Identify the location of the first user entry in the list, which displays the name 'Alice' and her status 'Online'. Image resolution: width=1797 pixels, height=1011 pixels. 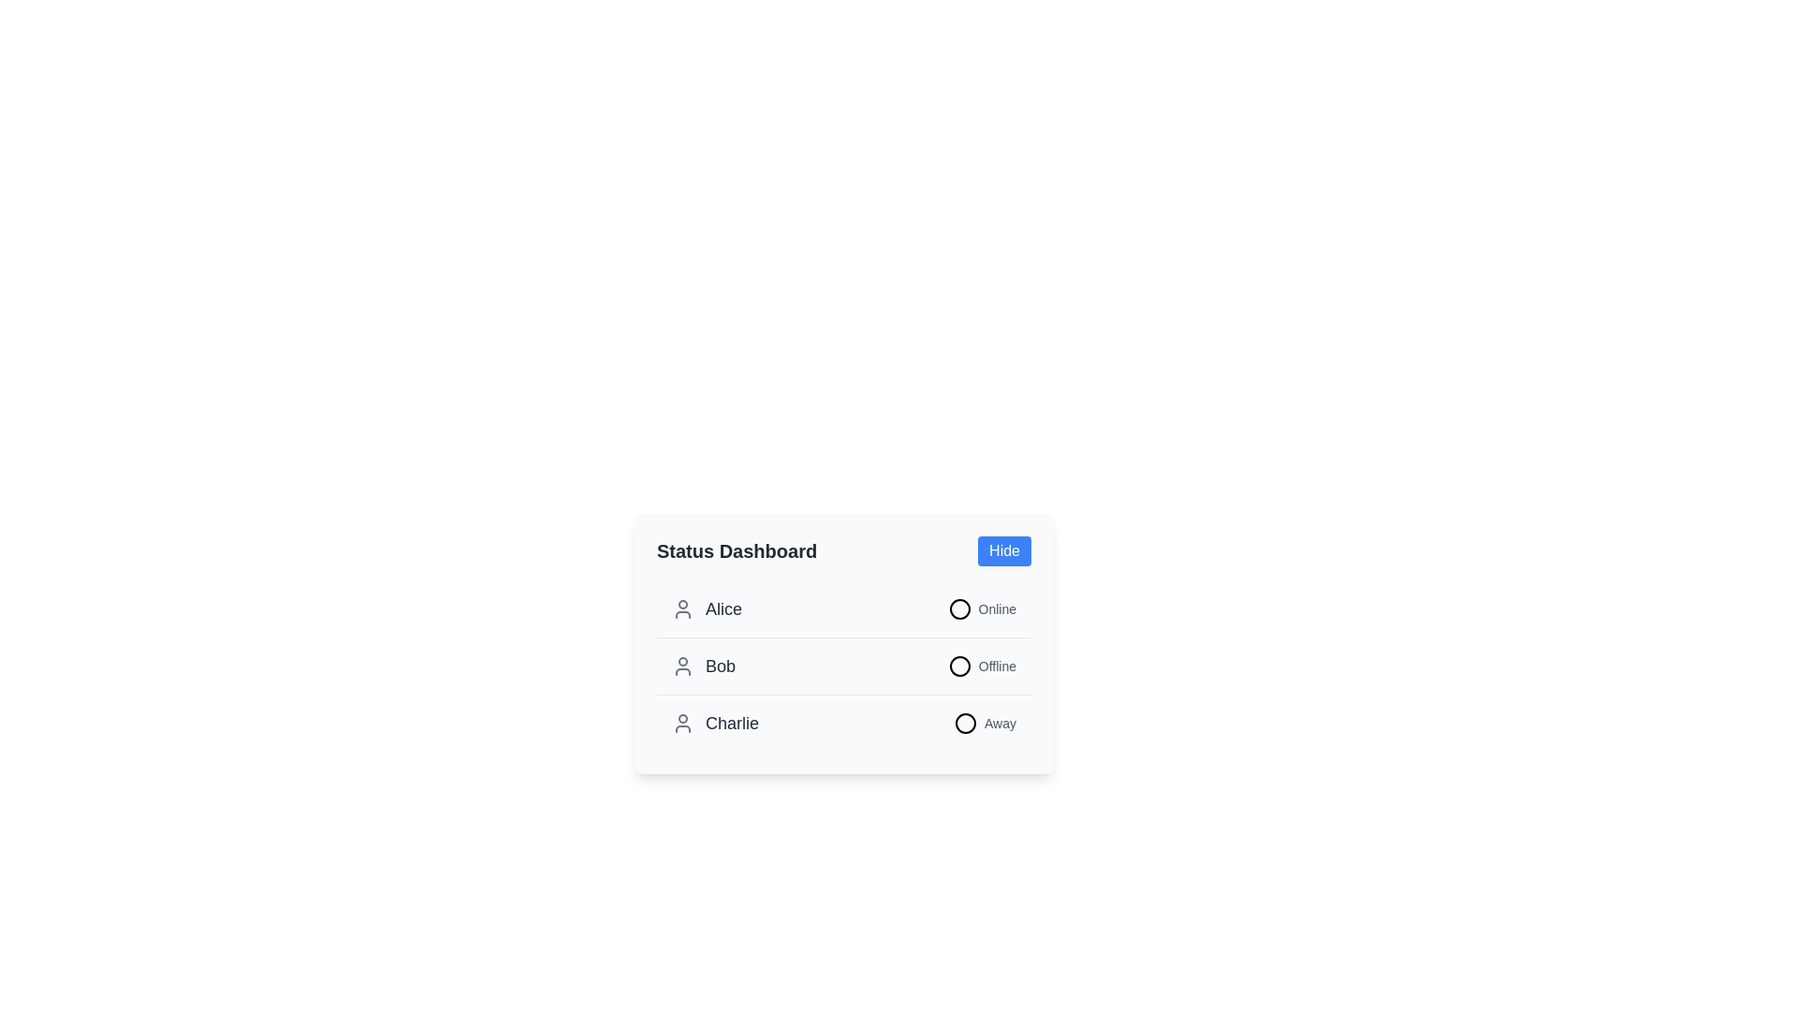
(843, 609).